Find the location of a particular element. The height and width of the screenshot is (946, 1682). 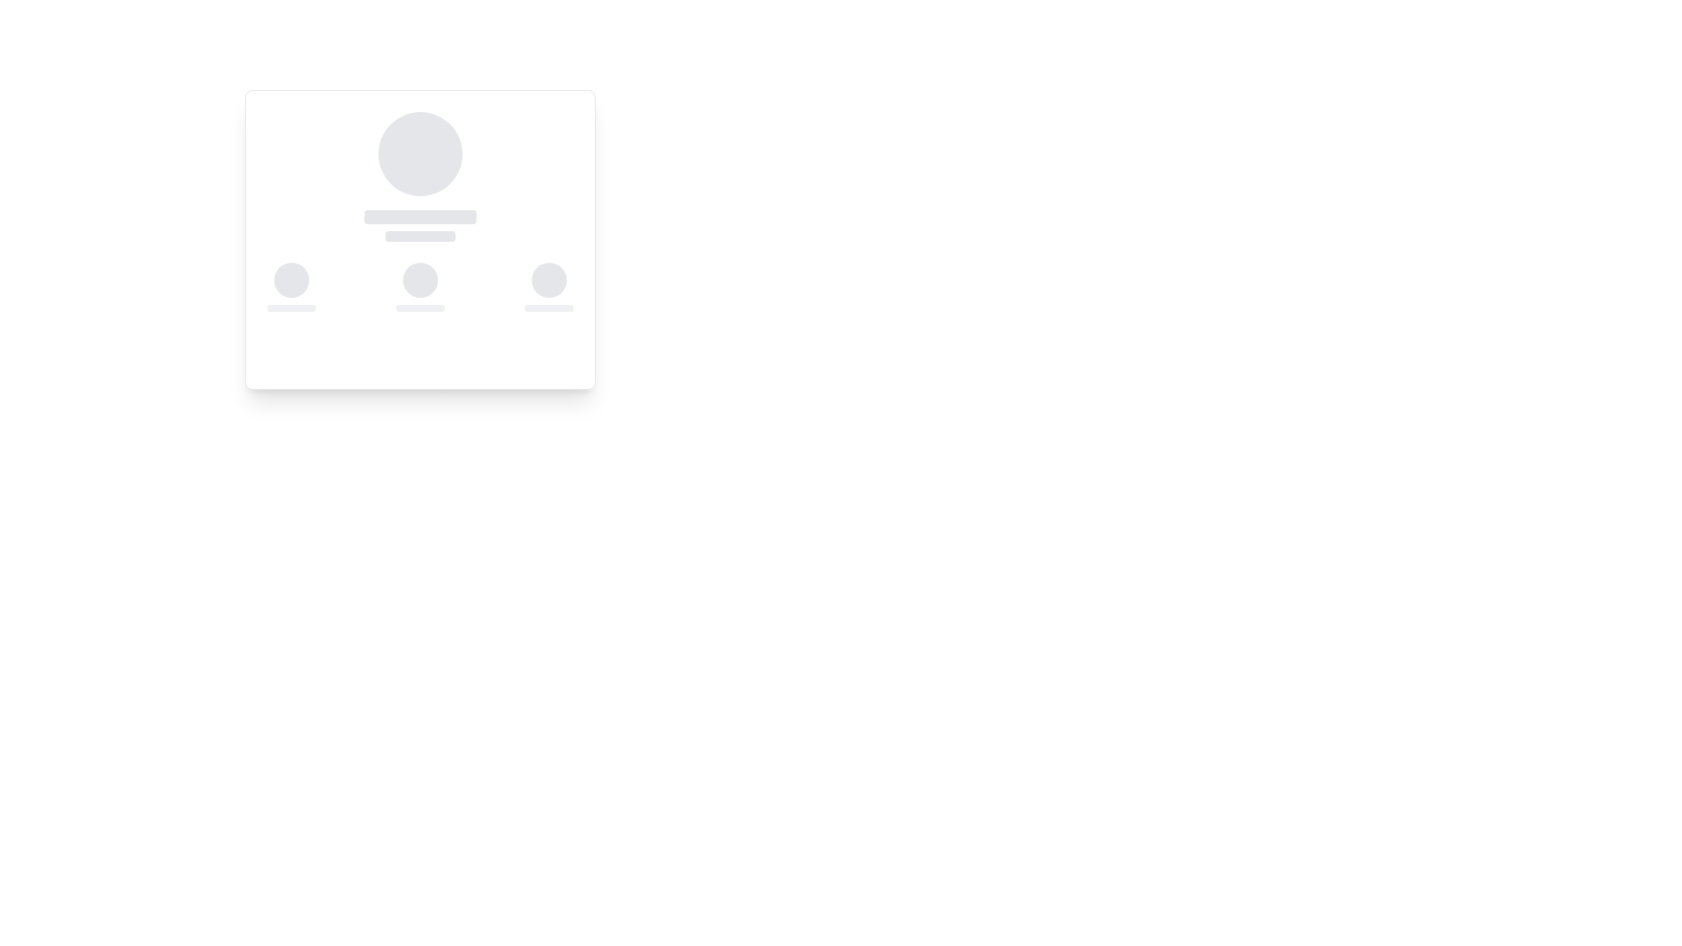

the circular loading animation component with a gray background, which is centered in the middle column of a three-column layout is located at coordinates (420, 286).